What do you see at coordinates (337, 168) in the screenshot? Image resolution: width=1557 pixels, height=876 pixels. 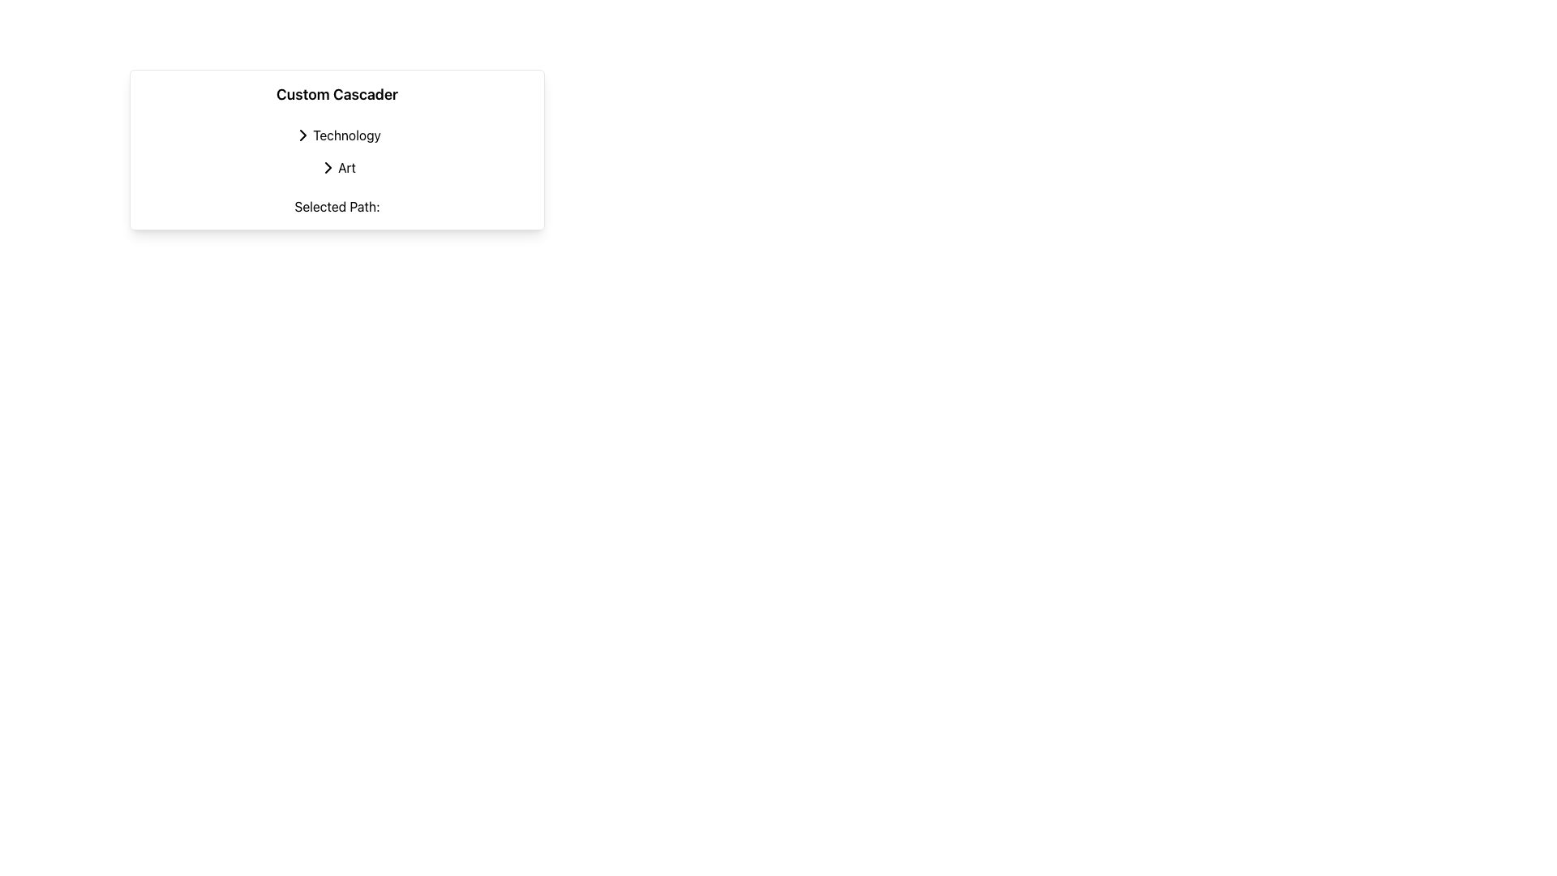 I see `to select the 'Art' option in the interactive menu located below the 'Technology' label within the 'Custom Cascader' section` at bounding box center [337, 168].